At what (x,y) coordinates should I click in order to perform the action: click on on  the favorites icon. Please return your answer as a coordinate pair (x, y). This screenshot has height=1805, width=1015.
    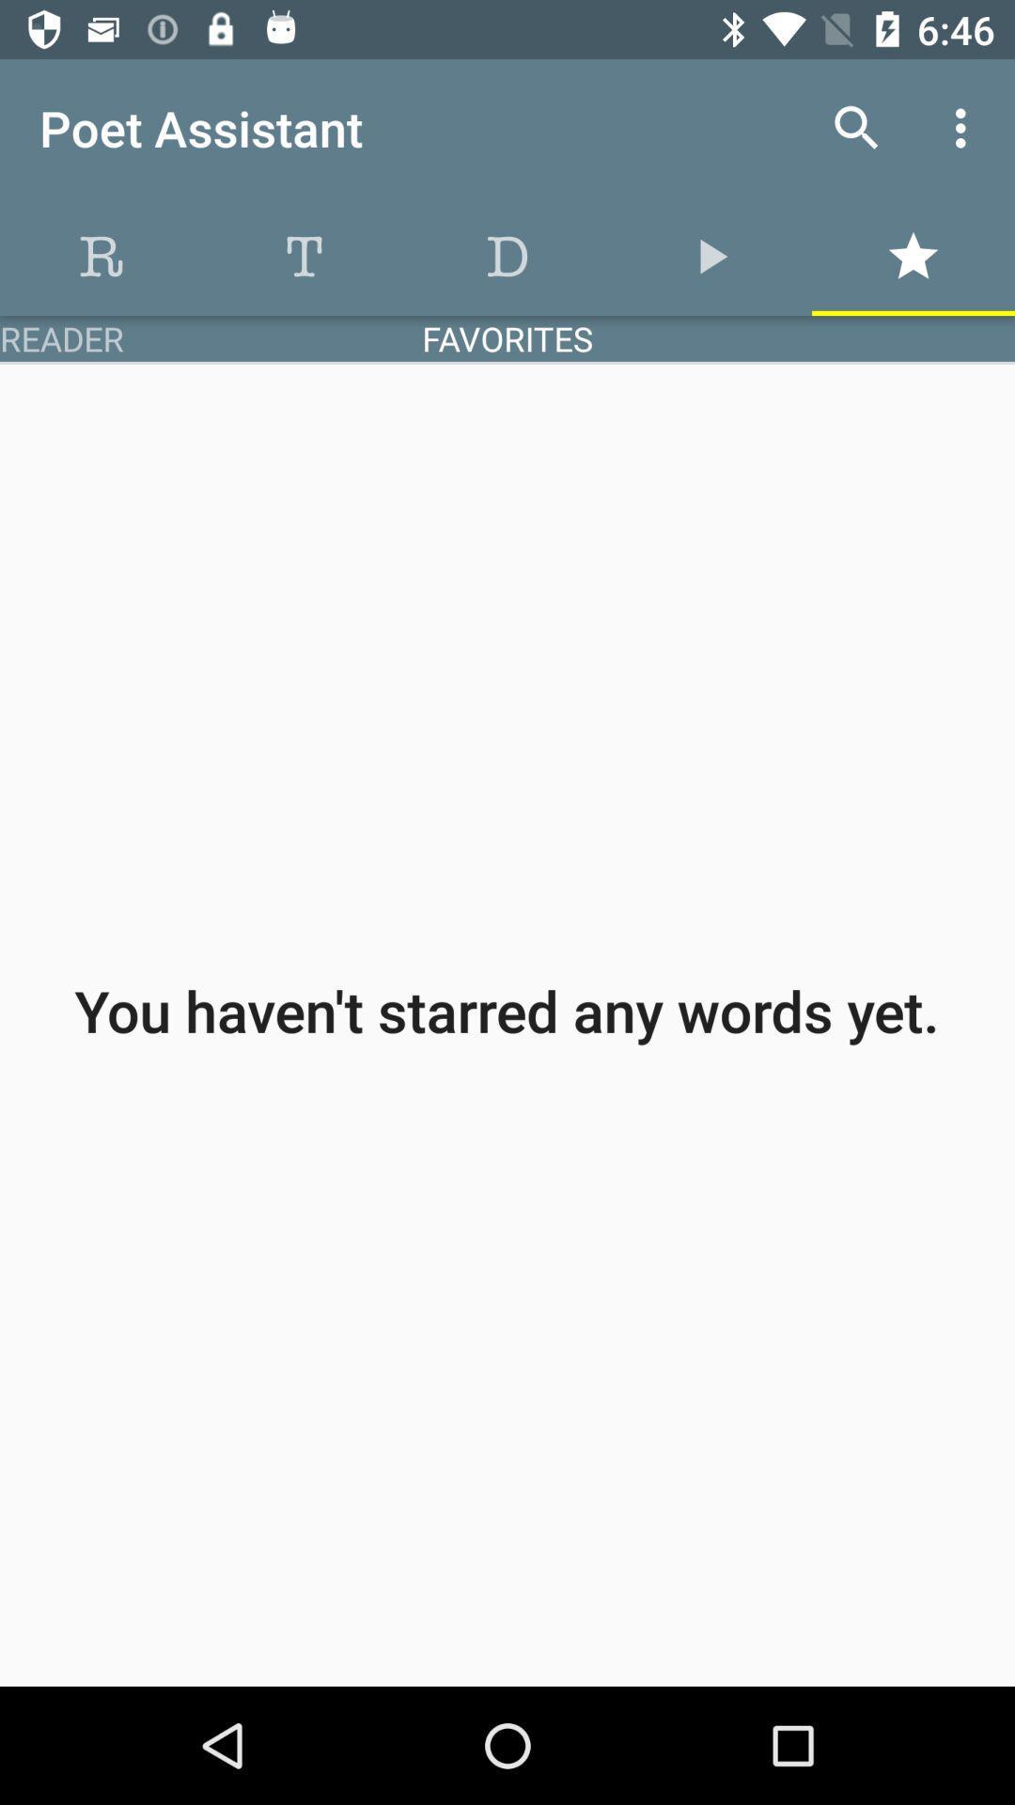
    Looking at the image, I should click on (913, 256).